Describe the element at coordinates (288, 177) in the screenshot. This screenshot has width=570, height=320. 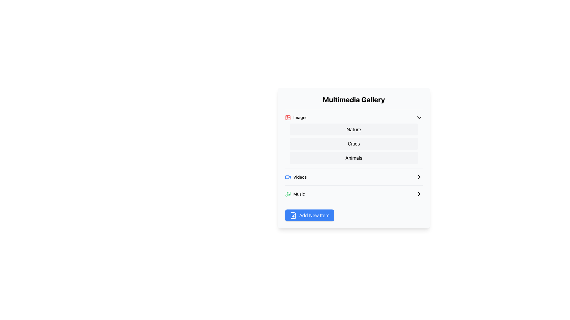
I see `the 'Videos' icon located in the 'Multimedia Gallery' section, which is the second item in the list, positioned below 'Images' and above 'Music'` at that location.